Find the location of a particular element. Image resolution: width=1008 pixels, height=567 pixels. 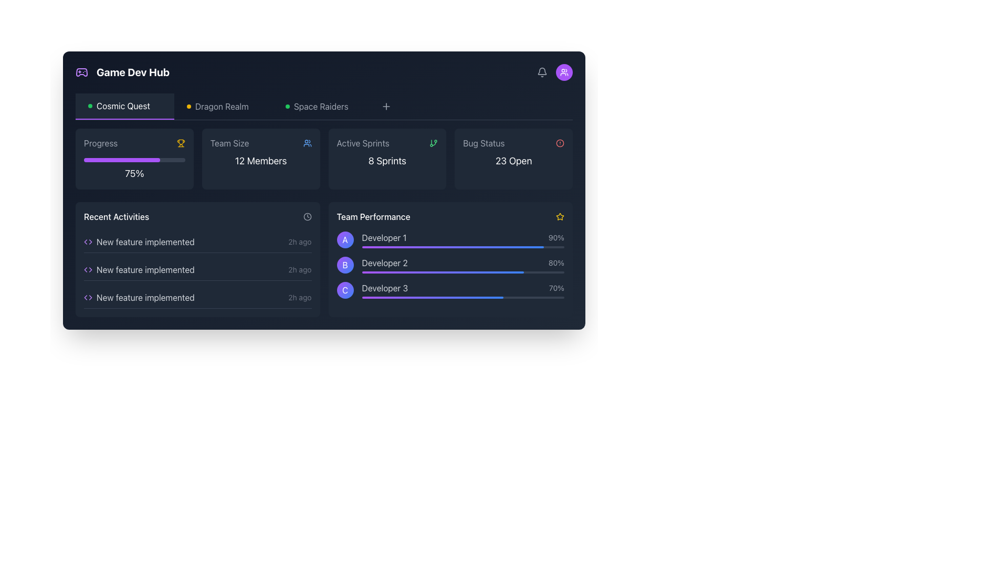

the text label displaying '75%' is located at coordinates (134, 167).